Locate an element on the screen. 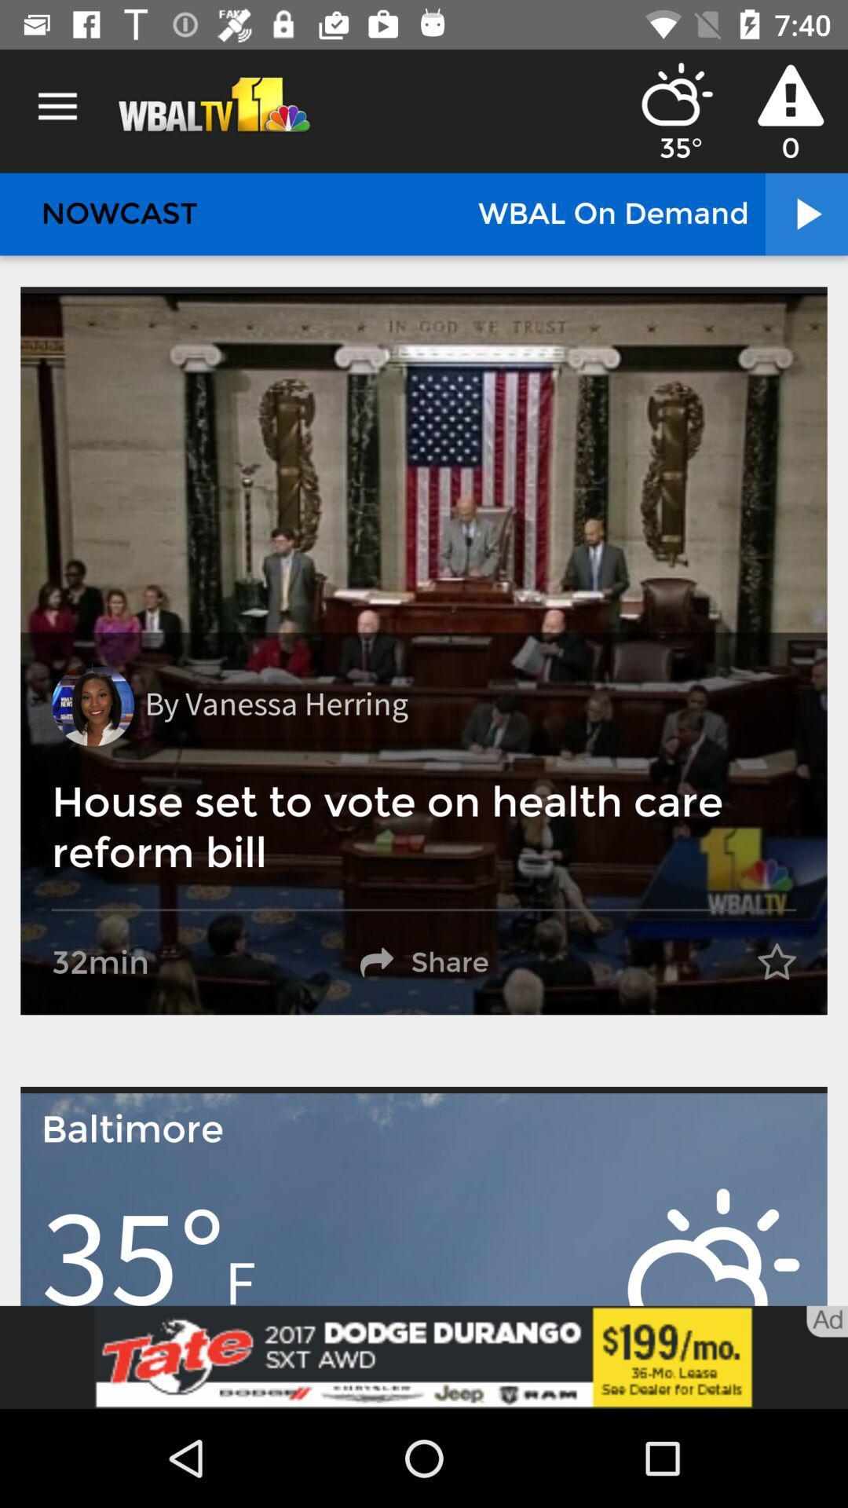  the menu icon is located at coordinates (57, 106).